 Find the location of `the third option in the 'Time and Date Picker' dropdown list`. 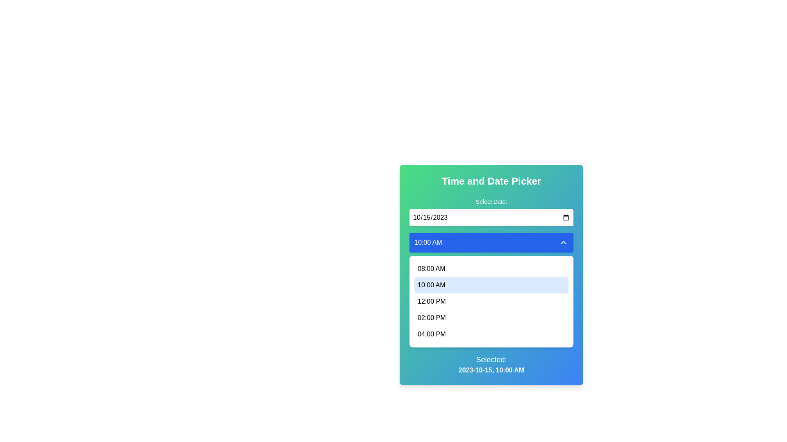

the third option in the 'Time and Date Picker' dropdown list is located at coordinates (431, 301).